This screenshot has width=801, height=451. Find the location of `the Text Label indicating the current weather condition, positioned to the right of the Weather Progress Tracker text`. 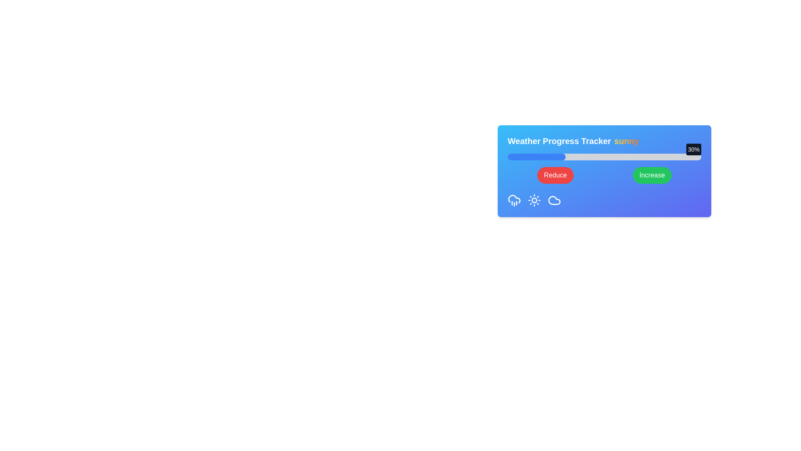

the Text Label indicating the current weather condition, positioned to the right of the Weather Progress Tracker text is located at coordinates (627, 141).